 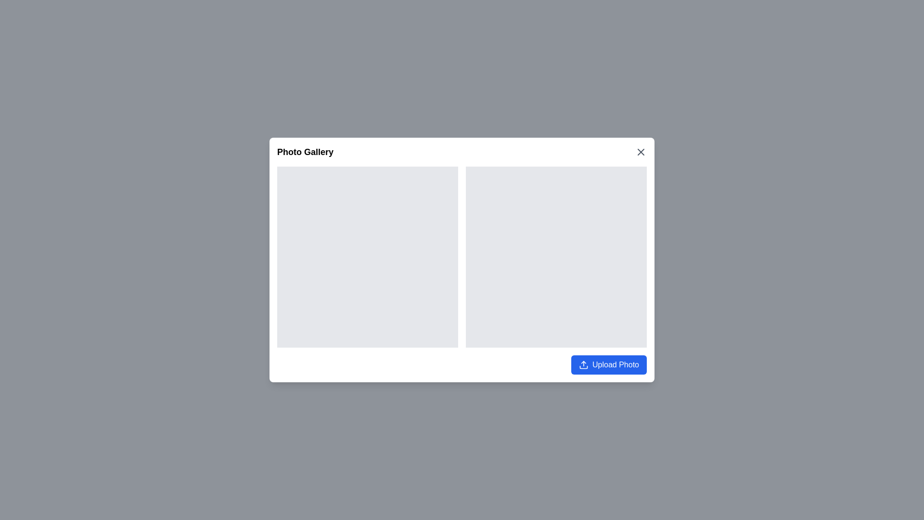 What do you see at coordinates (641, 152) in the screenshot?
I see `the small 'X' icon styled as a diagonal cross located at the top-right corner of the white window frame` at bounding box center [641, 152].